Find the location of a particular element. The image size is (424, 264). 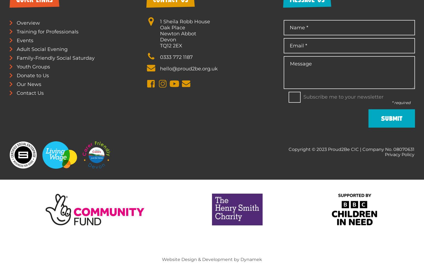

'Youth Groups' is located at coordinates (33, 66).